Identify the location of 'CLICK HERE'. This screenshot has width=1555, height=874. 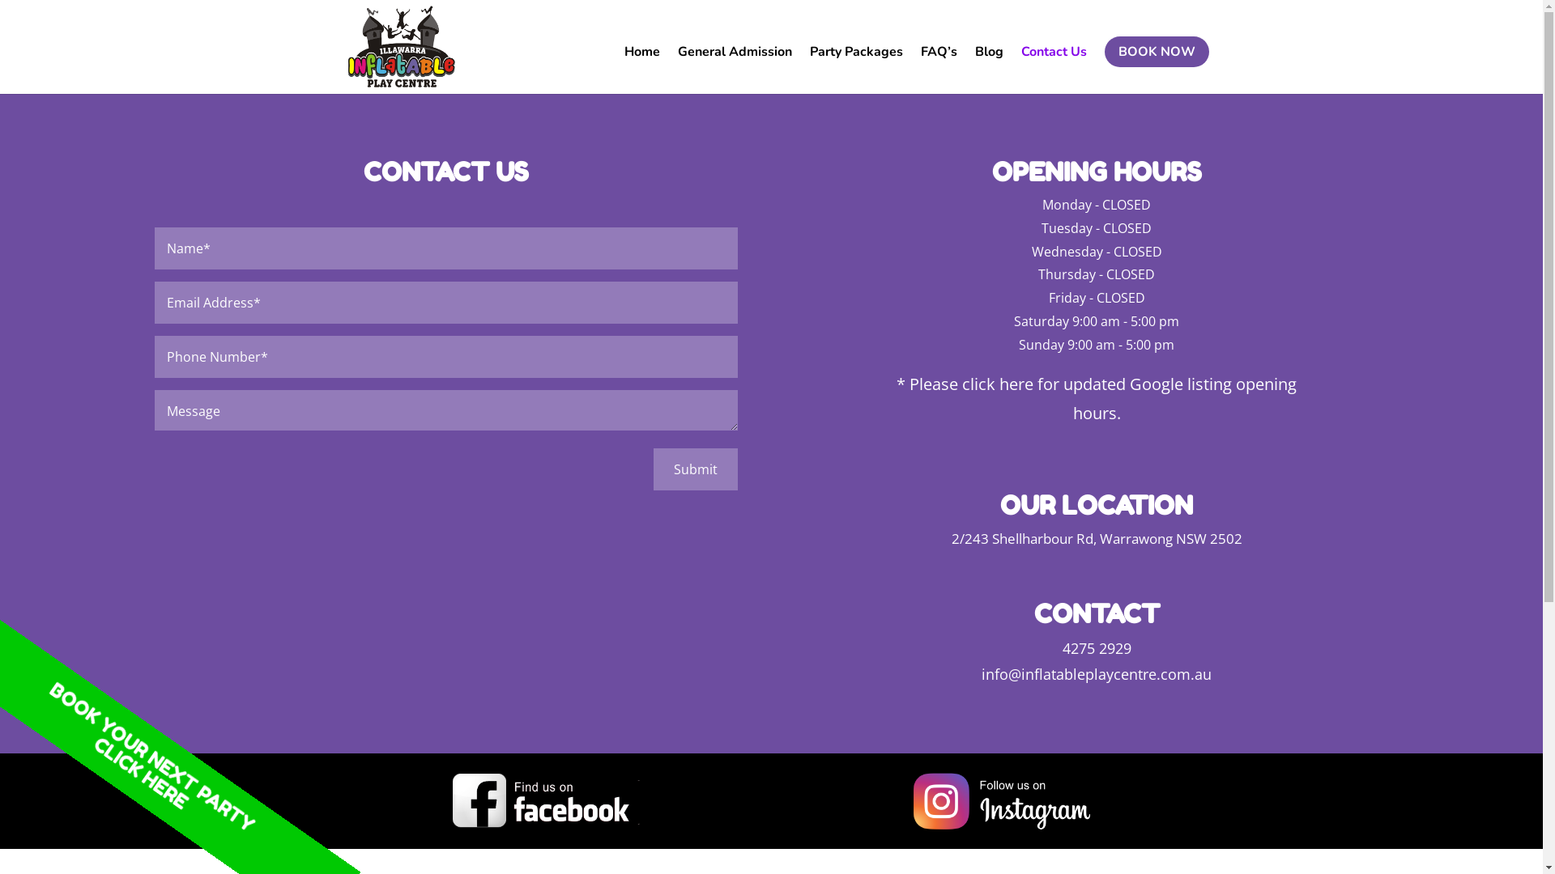
(143, 744).